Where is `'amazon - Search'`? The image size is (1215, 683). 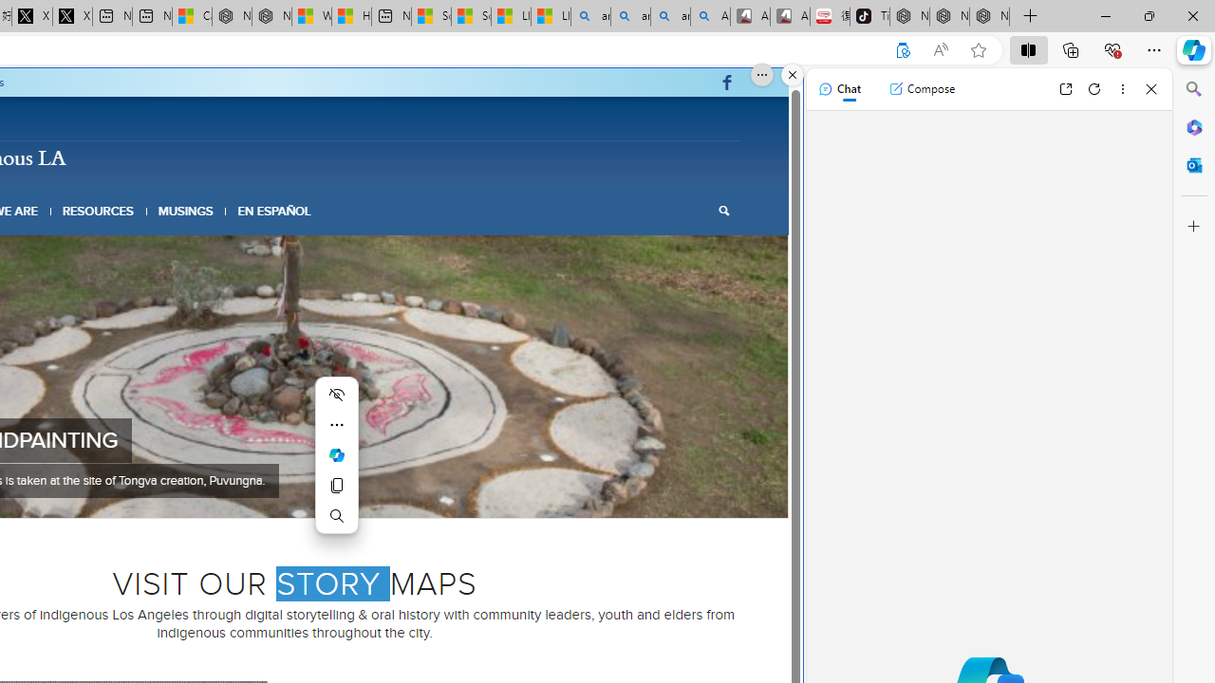
'amazon - Search' is located at coordinates (630, 16).